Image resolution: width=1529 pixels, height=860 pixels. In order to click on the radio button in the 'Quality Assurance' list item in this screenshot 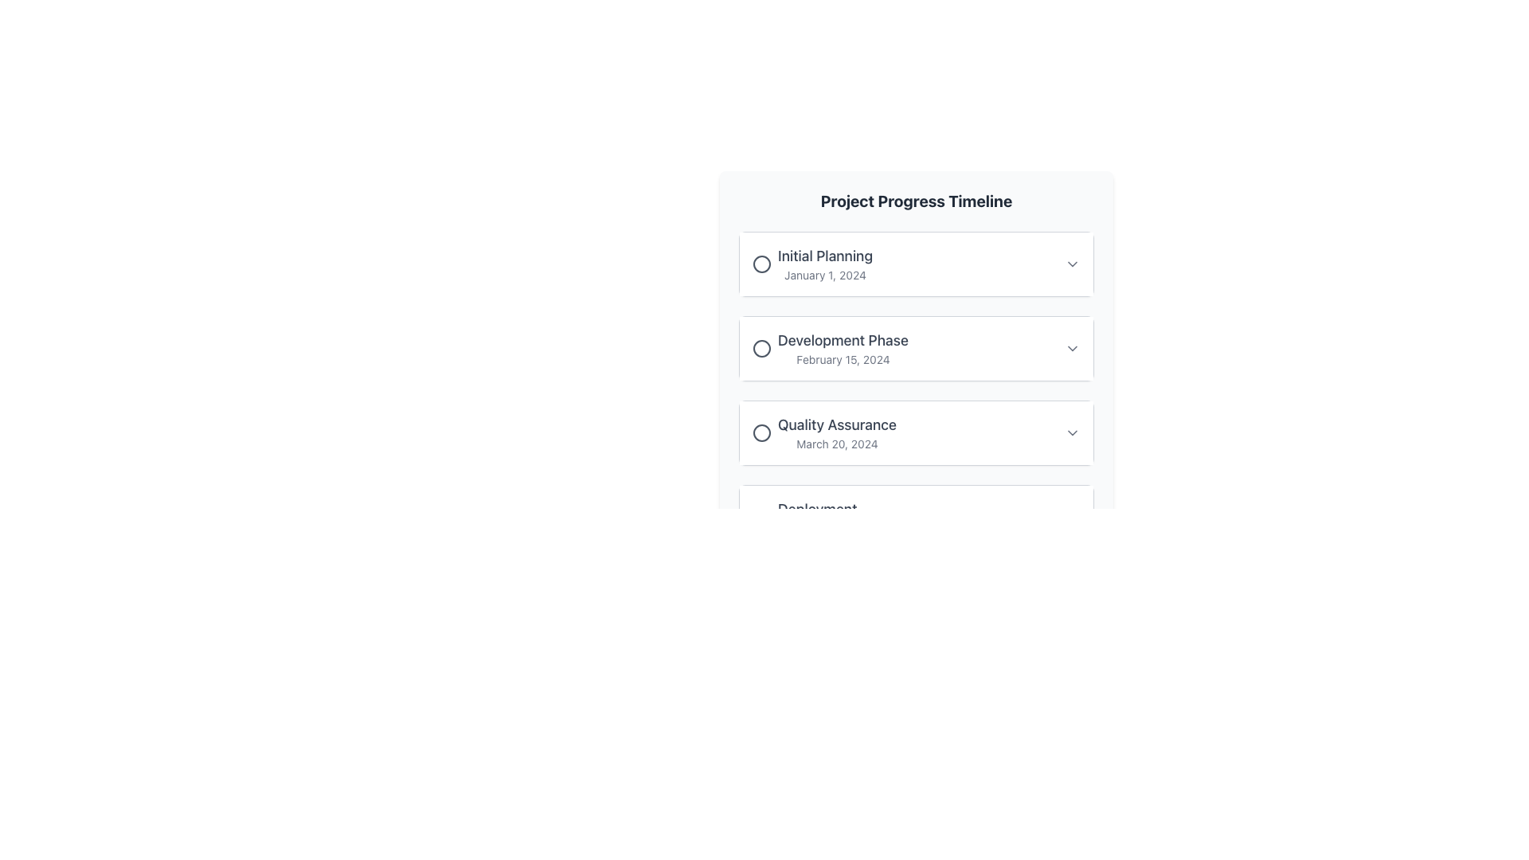, I will do `click(917, 432)`.